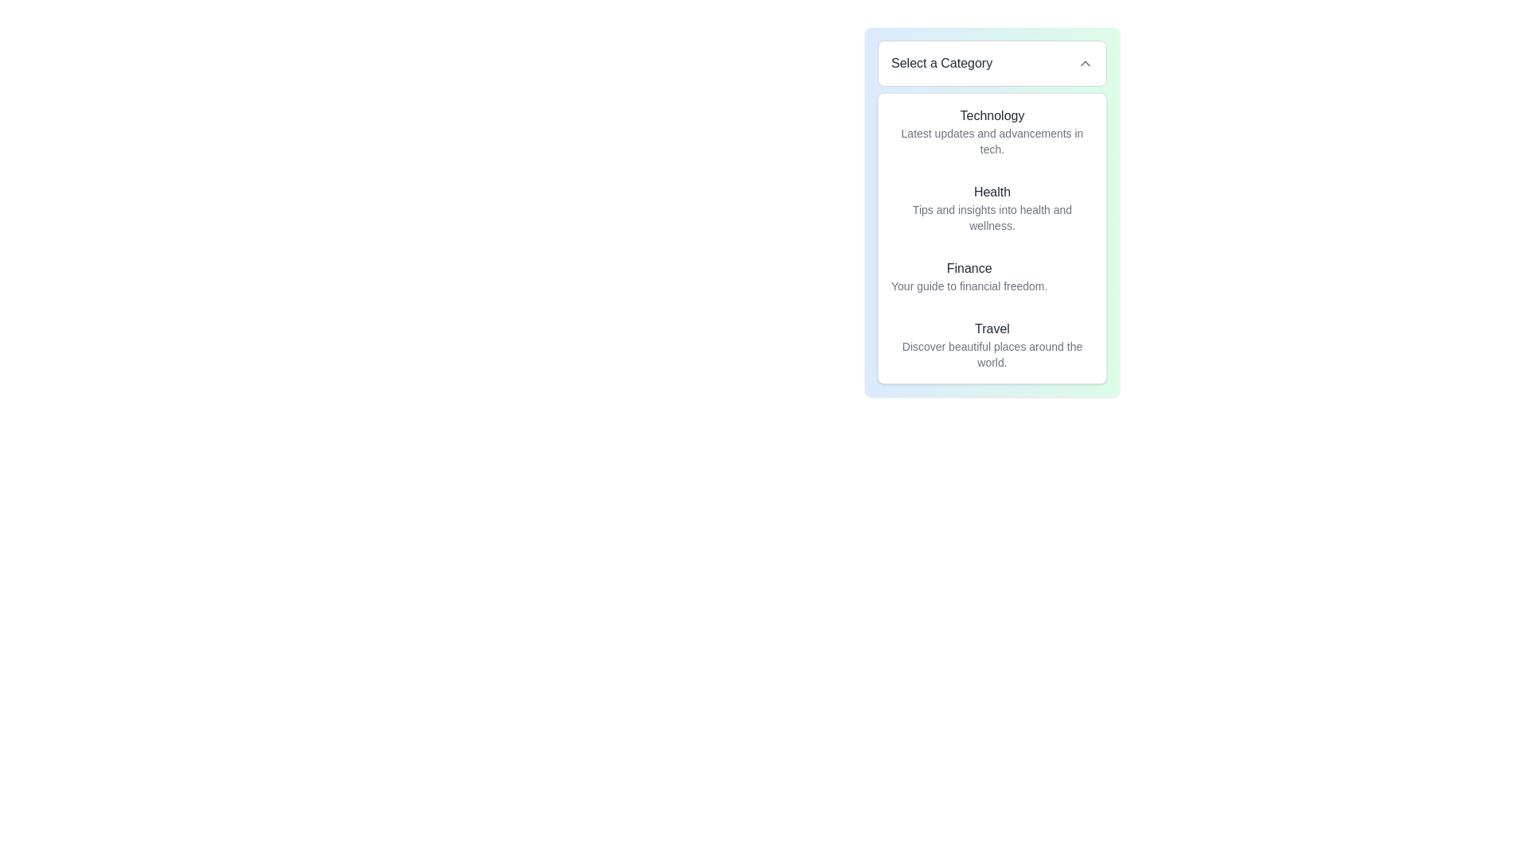  Describe the element at coordinates (992, 208) in the screenshot. I see `the Category selector displaying 'Health' with supporting text 'Tips and insights into health and wellness.'` at that location.